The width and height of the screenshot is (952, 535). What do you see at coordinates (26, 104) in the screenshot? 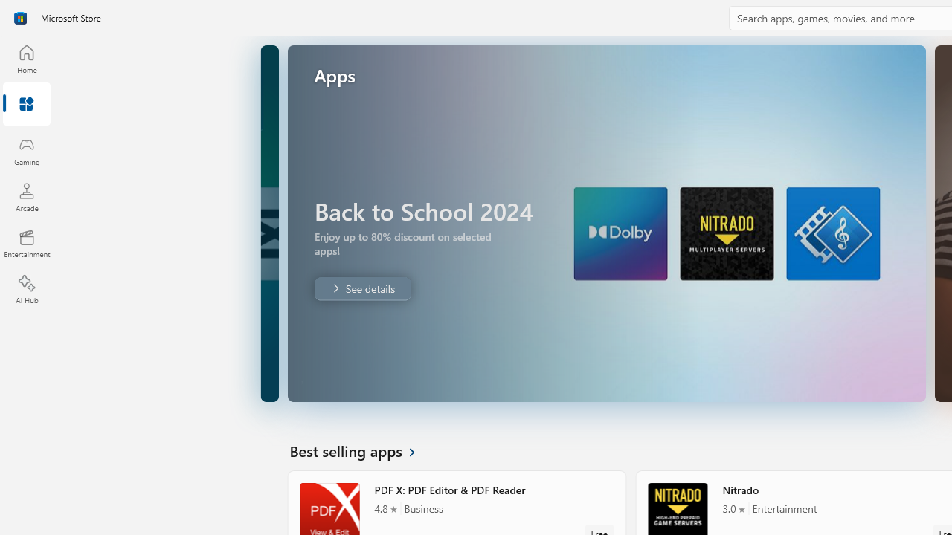
I see `'Apps'` at bounding box center [26, 104].